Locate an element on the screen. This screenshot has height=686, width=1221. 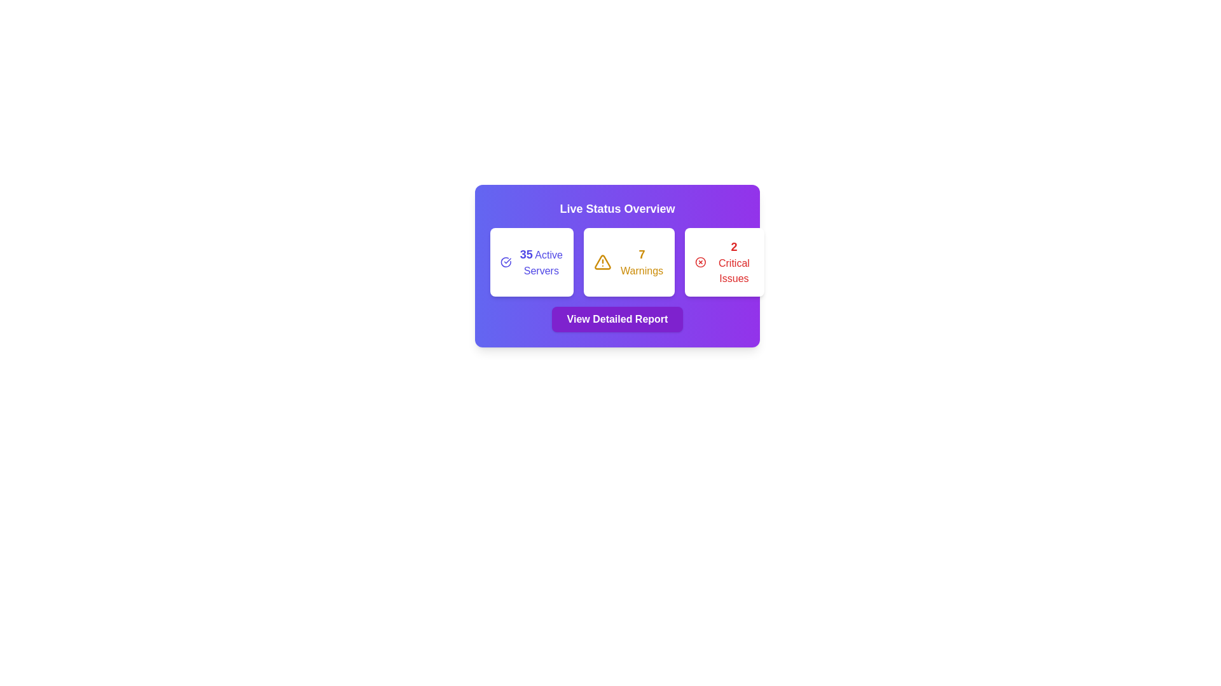
the static text label displaying the count of warnings in the 'Warnings' box, which is slightly left of the box's center is located at coordinates (642, 255).